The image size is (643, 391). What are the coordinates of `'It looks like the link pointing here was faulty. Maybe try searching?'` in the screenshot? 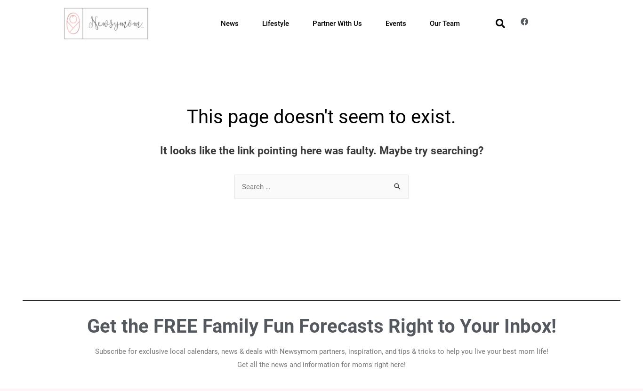 It's located at (321, 150).